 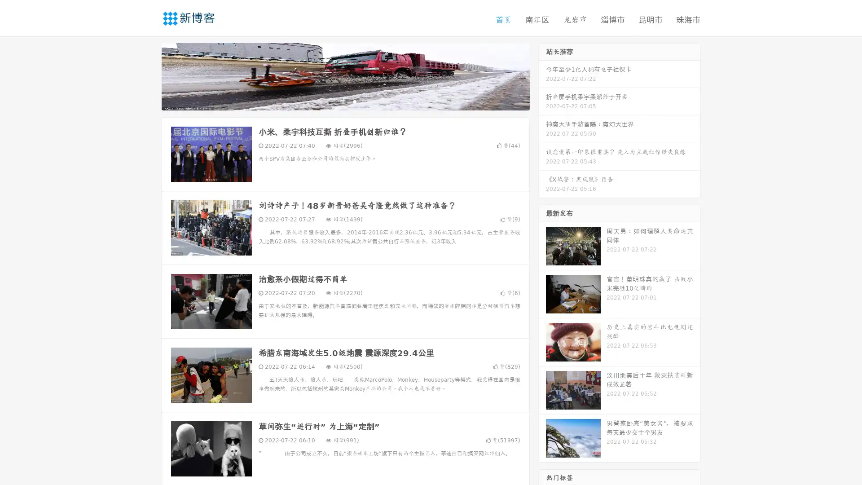 What do you see at coordinates (148, 75) in the screenshot?
I see `Previous slide` at bounding box center [148, 75].